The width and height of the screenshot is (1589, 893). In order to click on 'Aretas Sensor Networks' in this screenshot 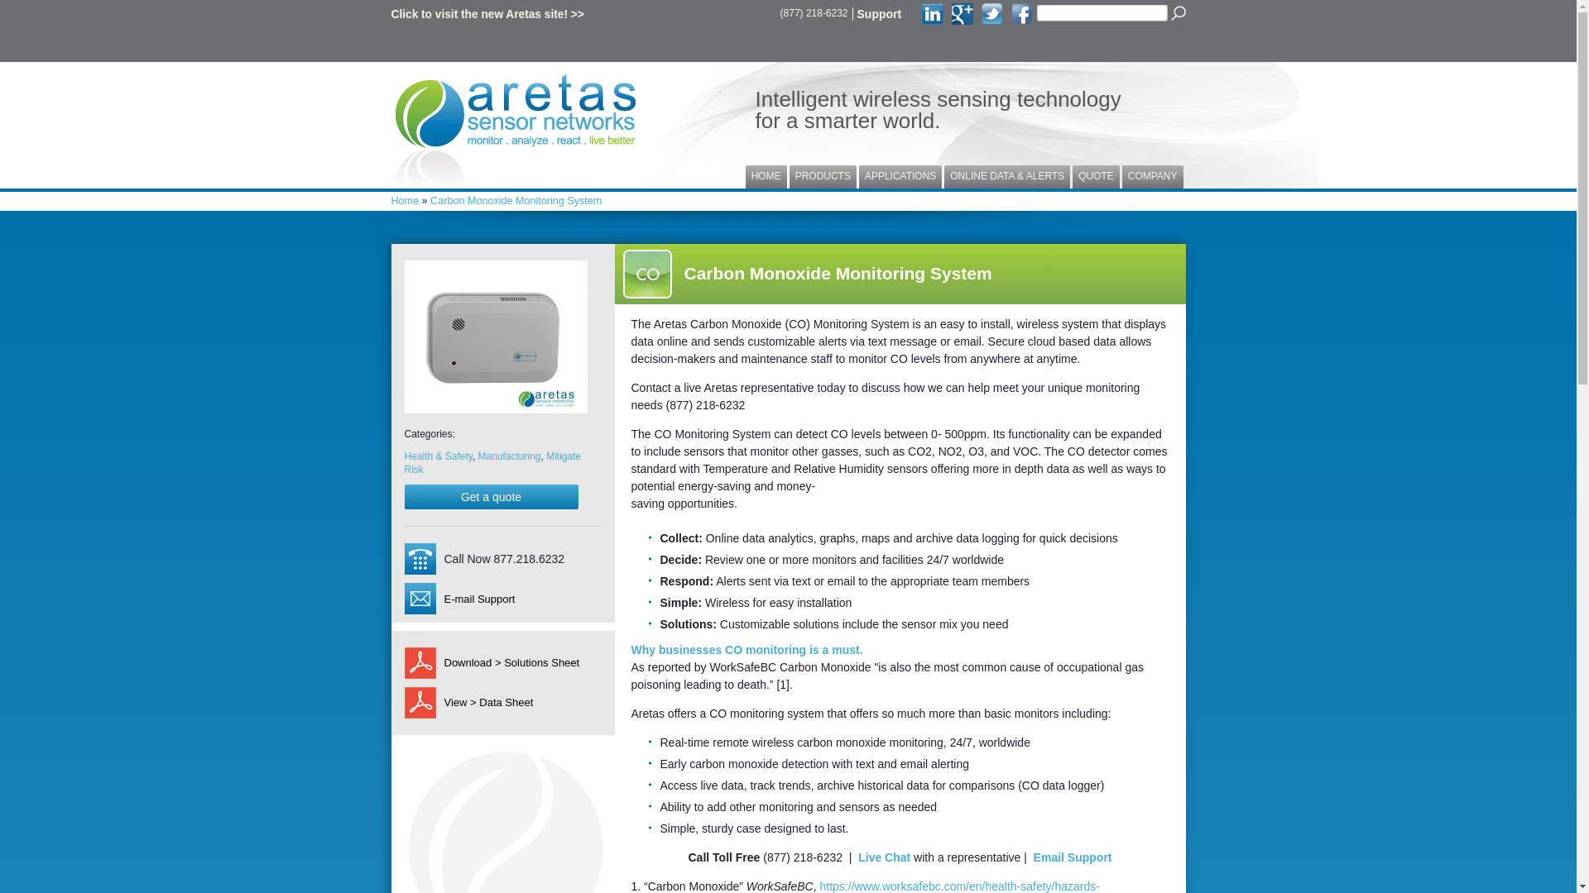, I will do `click(514, 130)`.